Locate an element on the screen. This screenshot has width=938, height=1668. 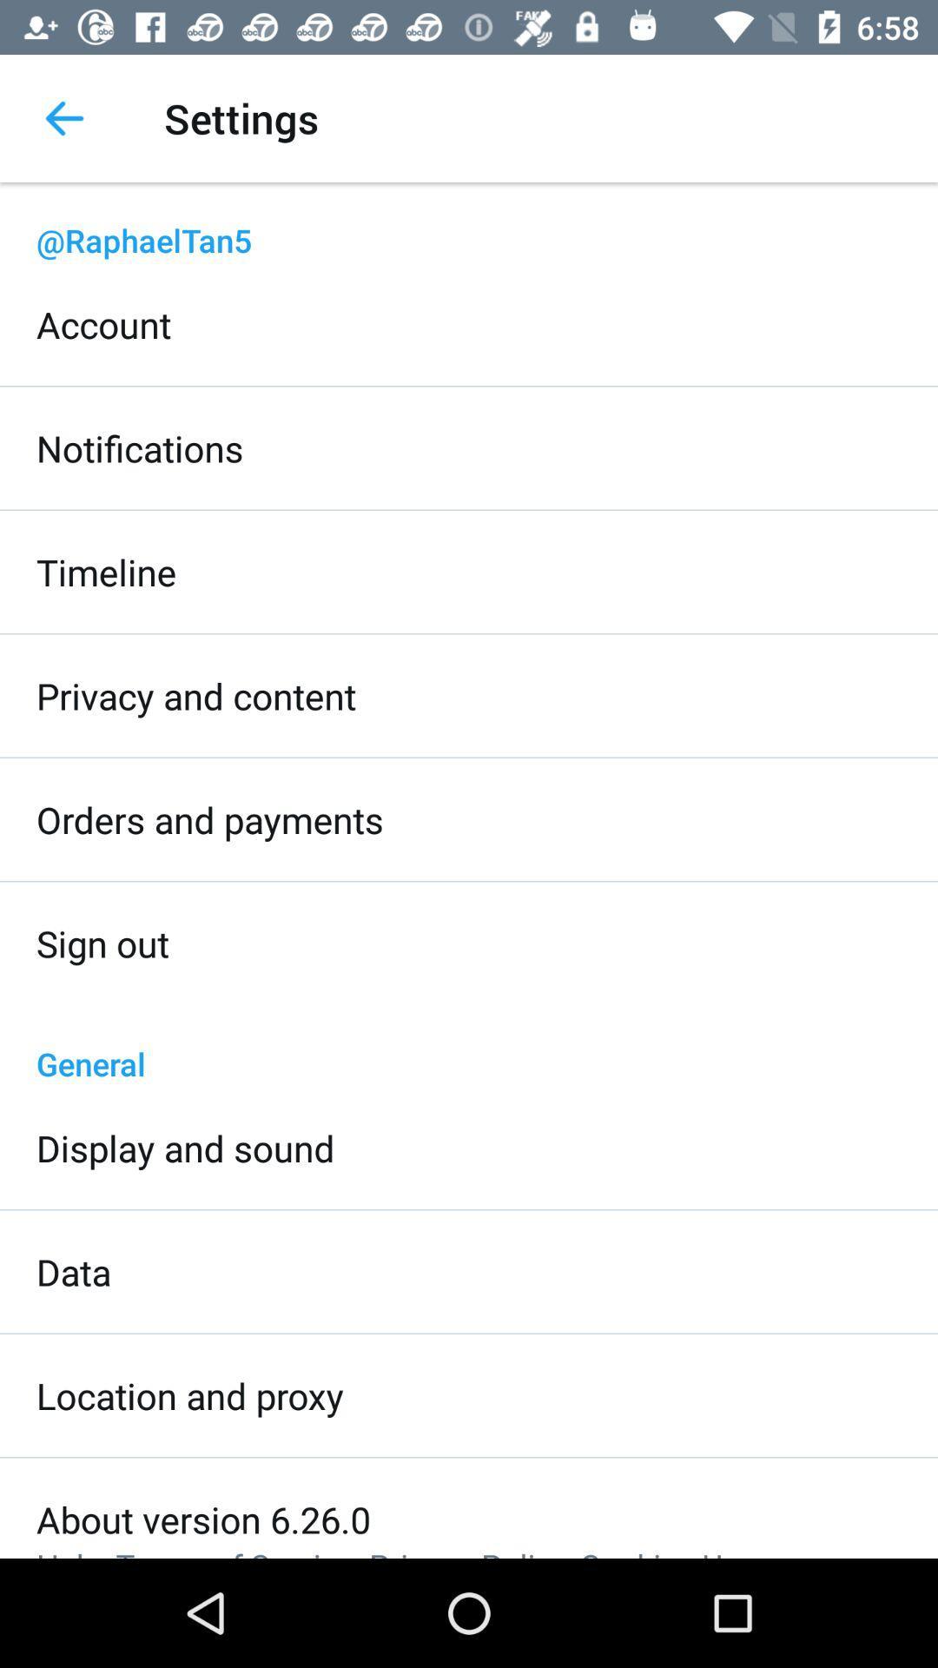
icon above the orders and payments icon is located at coordinates (195, 696).